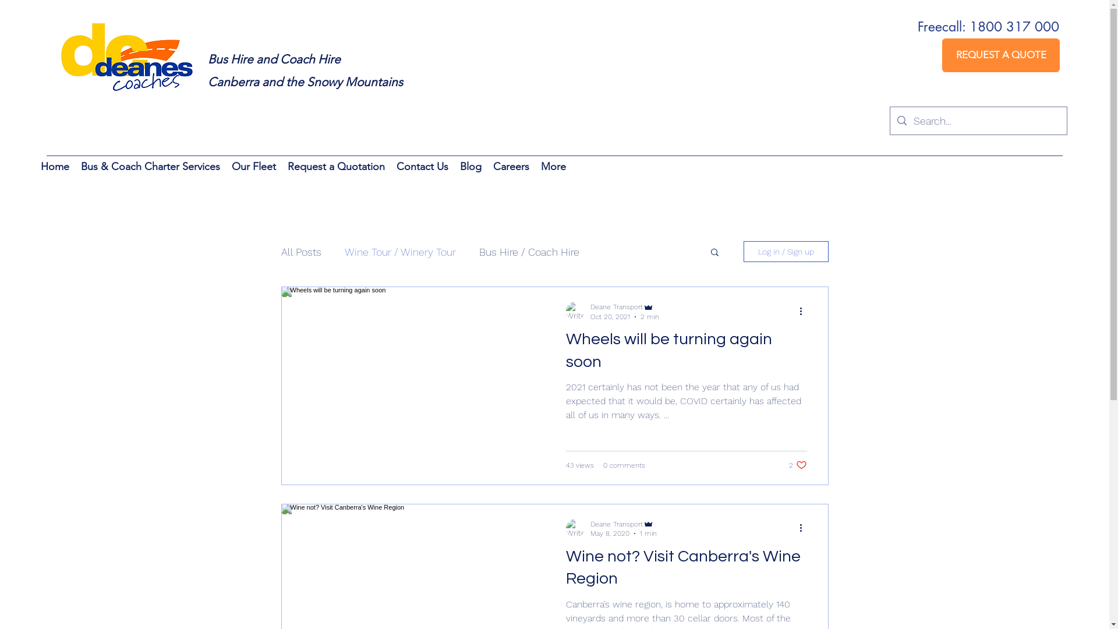 Image resolution: width=1118 pixels, height=629 pixels. What do you see at coordinates (422, 168) in the screenshot?
I see `'Contact Us'` at bounding box center [422, 168].